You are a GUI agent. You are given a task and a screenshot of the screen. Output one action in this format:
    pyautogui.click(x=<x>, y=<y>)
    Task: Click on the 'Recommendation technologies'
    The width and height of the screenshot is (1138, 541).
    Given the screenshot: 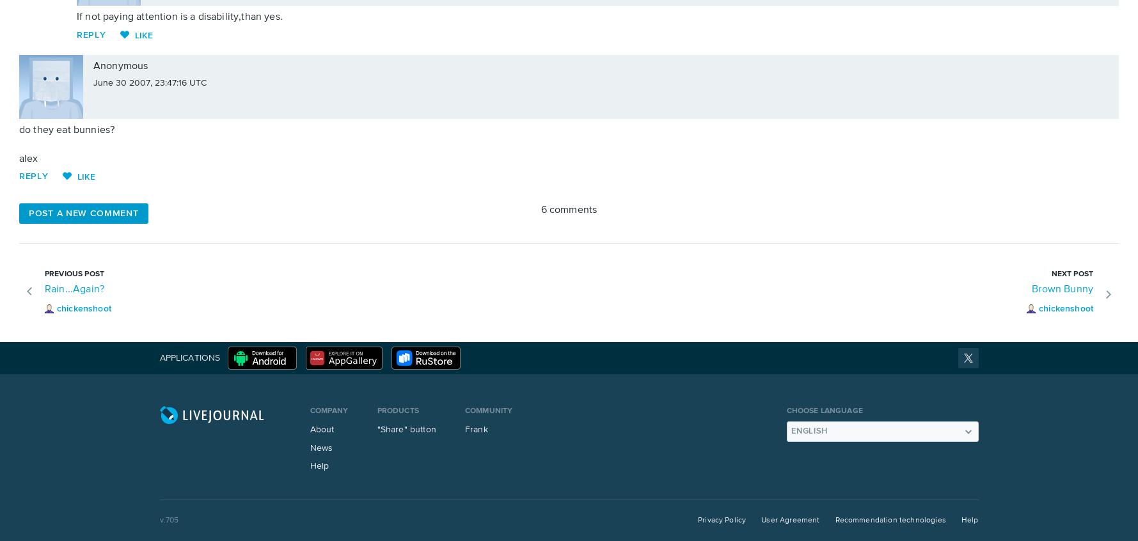 What is the action you would take?
    pyautogui.click(x=890, y=520)
    